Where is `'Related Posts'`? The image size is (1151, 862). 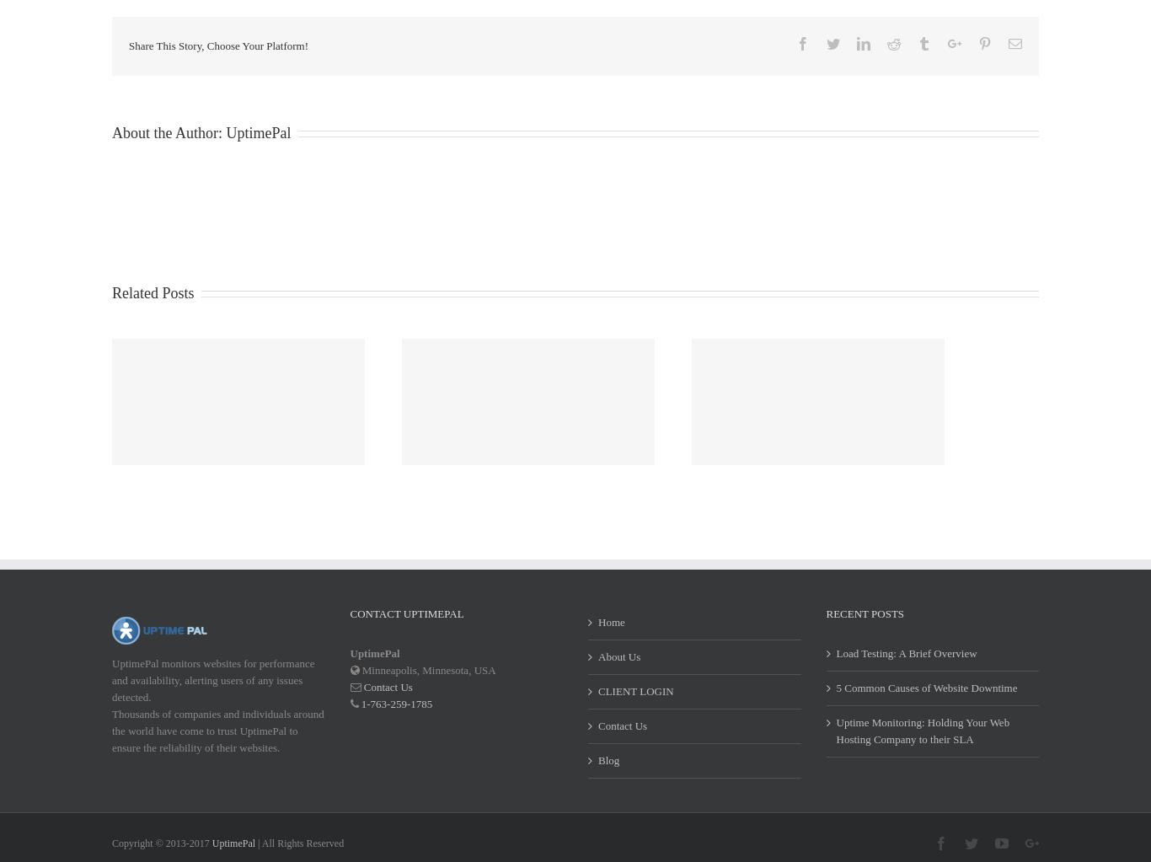 'Related Posts' is located at coordinates (152, 313).